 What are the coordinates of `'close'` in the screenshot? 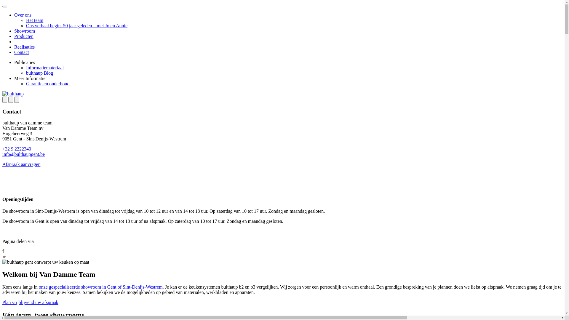 It's located at (14, 99).